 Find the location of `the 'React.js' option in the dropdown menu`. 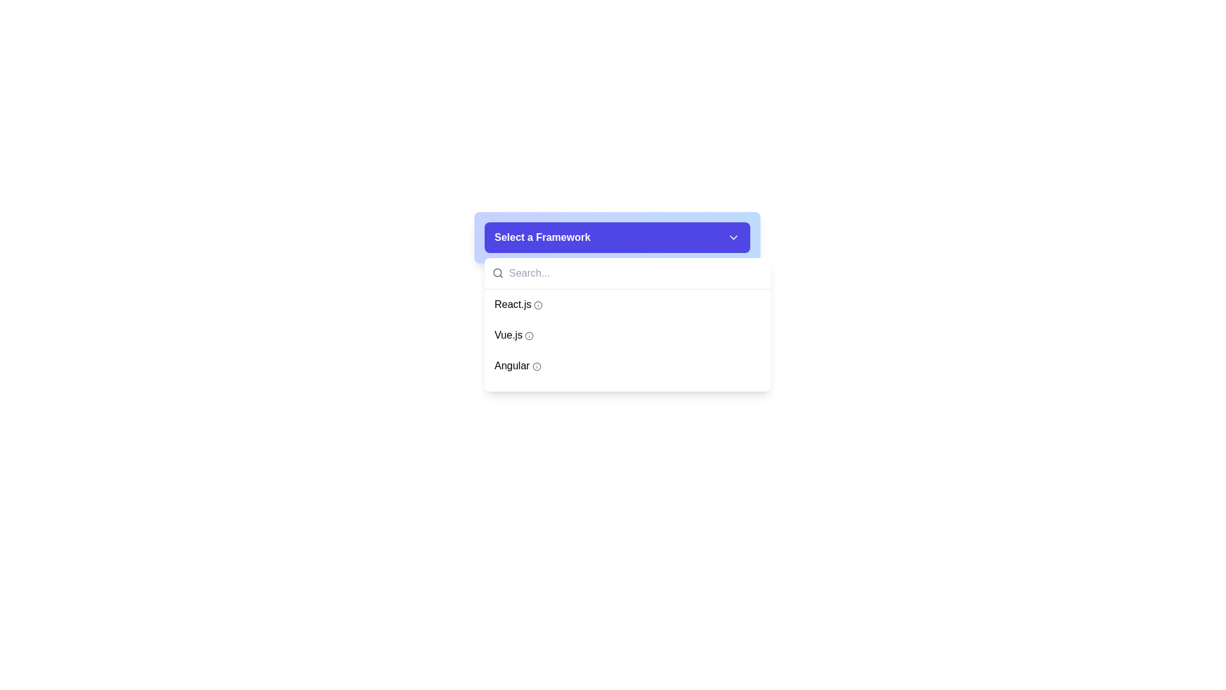

the 'React.js' option in the dropdown menu is located at coordinates (518, 305).